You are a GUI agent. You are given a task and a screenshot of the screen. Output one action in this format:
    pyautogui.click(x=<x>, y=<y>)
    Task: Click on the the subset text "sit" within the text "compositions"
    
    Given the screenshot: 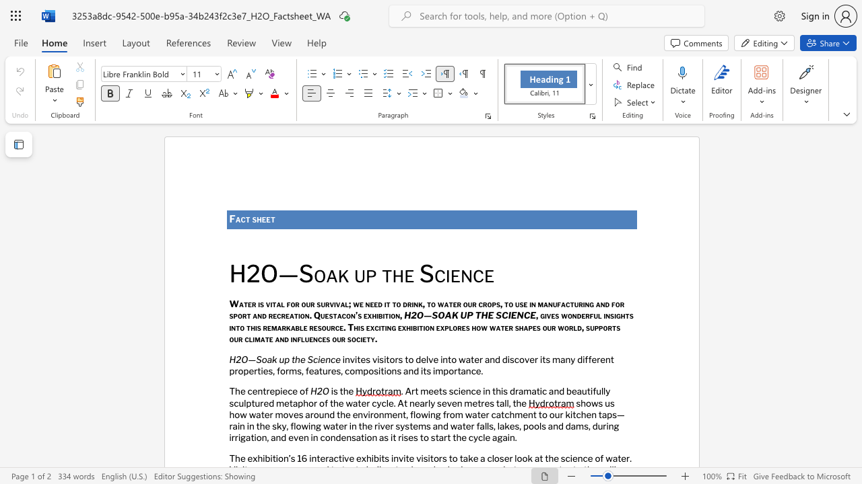 What is the action you would take?
    pyautogui.click(x=374, y=370)
    